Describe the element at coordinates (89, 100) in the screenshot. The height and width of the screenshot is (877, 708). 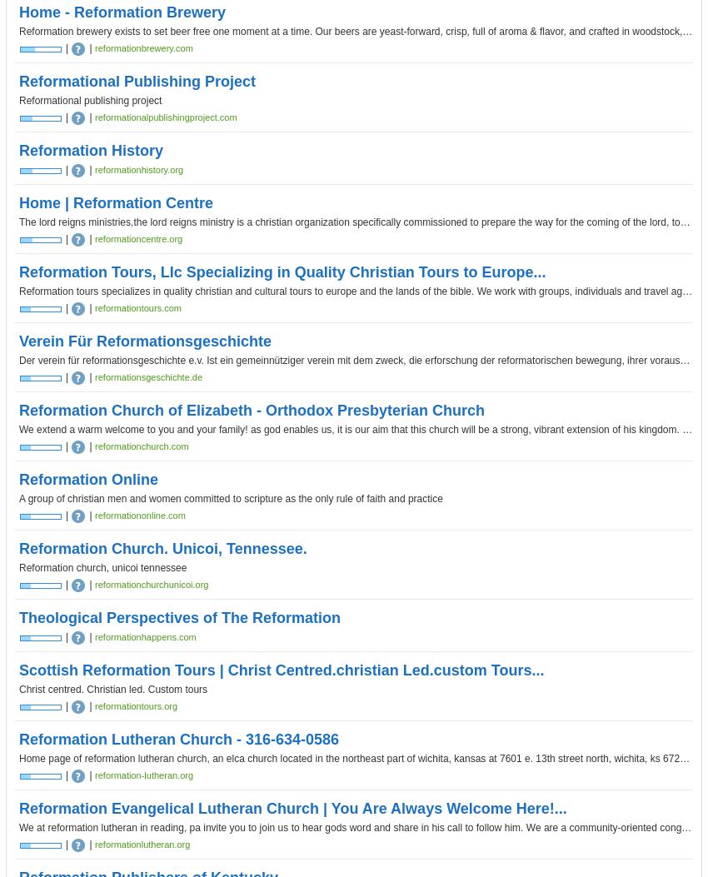
I see `'Reformational publishing project'` at that location.